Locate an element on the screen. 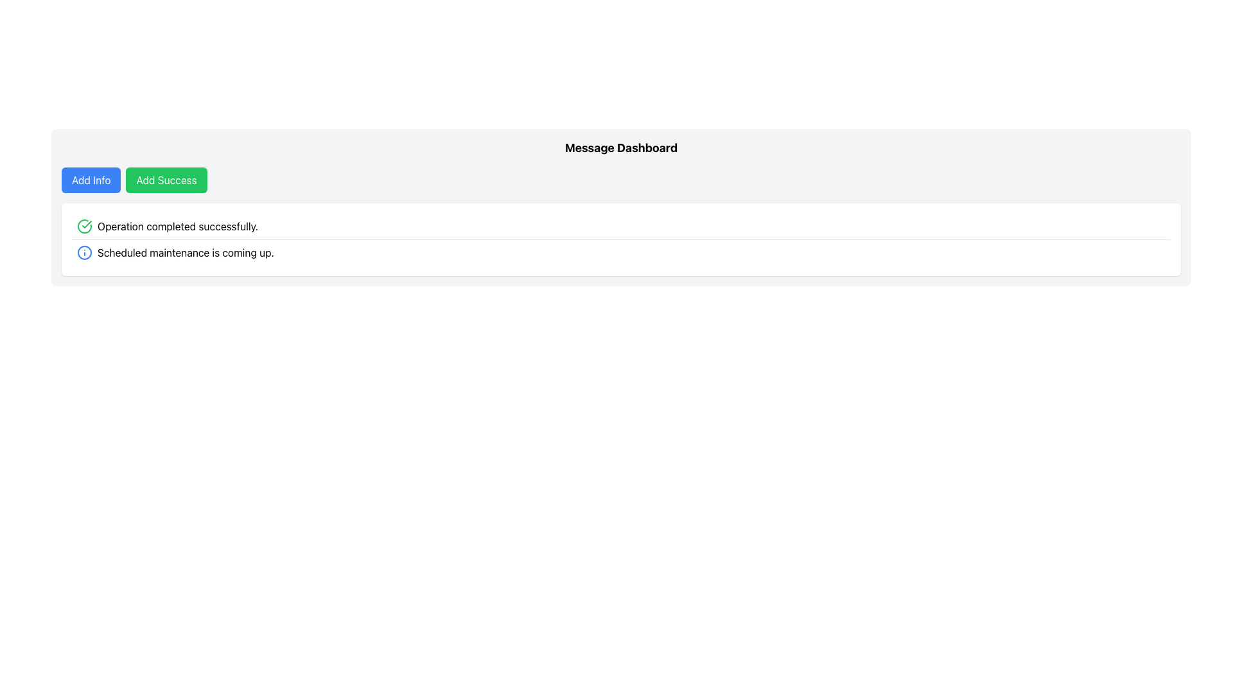 This screenshot has width=1233, height=693. the graphical icon that visually indicates the status of the message, which is located to the left of the text label reading 'Scheduled maintenance is coming up.' is located at coordinates (84, 252).